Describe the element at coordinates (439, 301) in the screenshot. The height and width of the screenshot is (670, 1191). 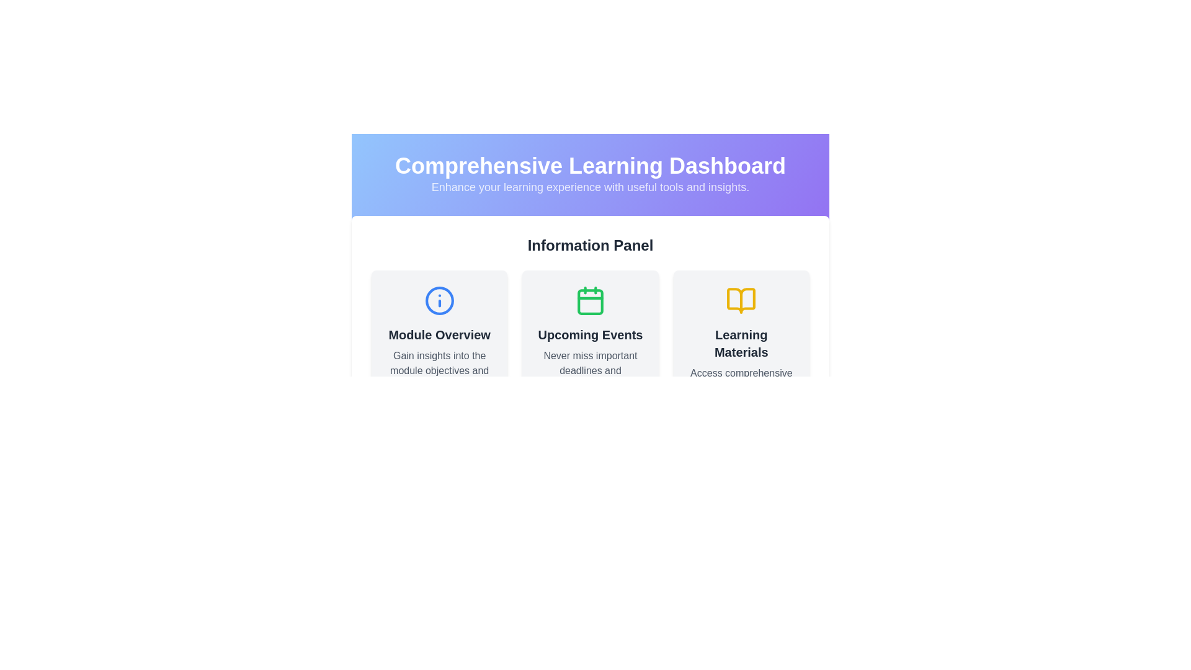
I see `the circular information icon with a blue outline located to the left of two other icons, beneath the 'Information Panel' header` at that location.